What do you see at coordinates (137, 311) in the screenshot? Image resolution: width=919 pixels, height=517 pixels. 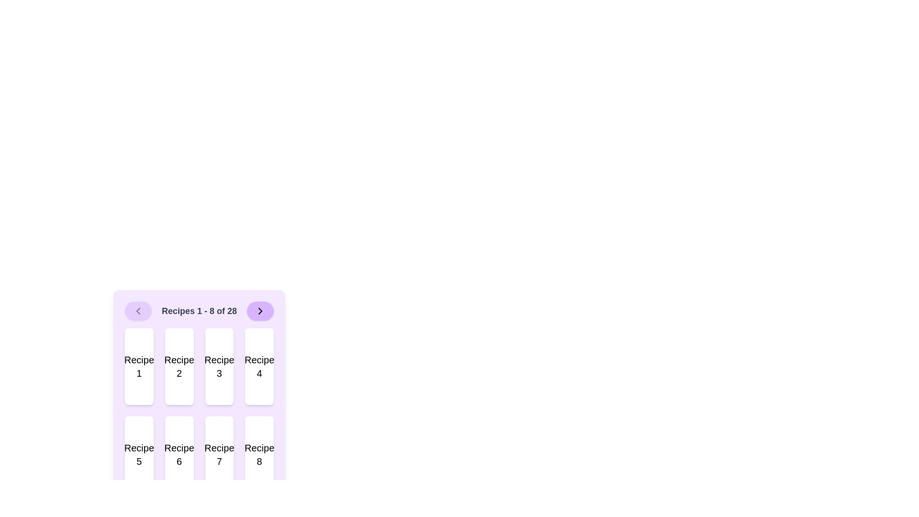 I see `the previous navigation button located at the top-left corner of the navigation bar` at bounding box center [137, 311].